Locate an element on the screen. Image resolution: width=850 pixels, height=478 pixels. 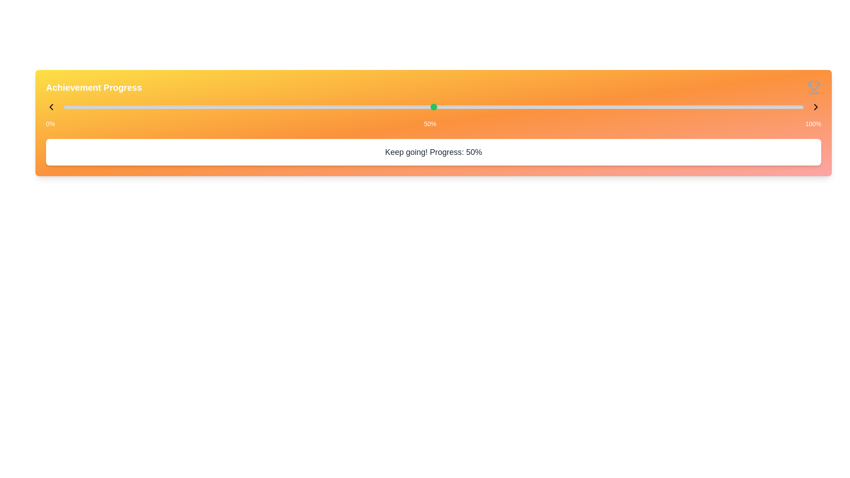
the slider that allows users to set or display a percentage value, currently showing 50% is located at coordinates (433, 107).